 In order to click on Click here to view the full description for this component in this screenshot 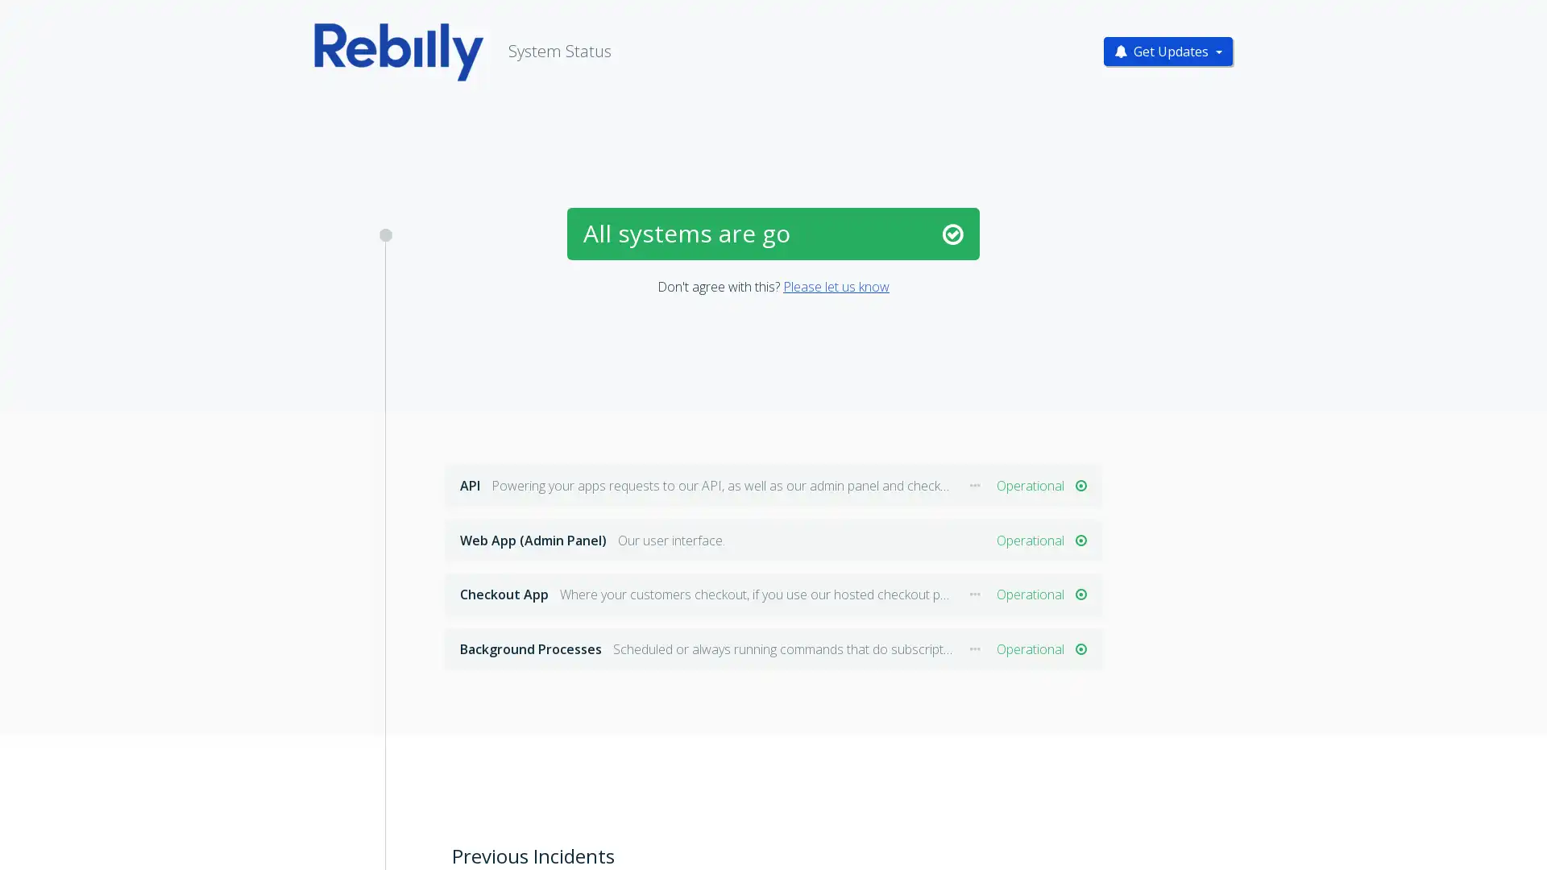, I will do `click(974, 648)`.